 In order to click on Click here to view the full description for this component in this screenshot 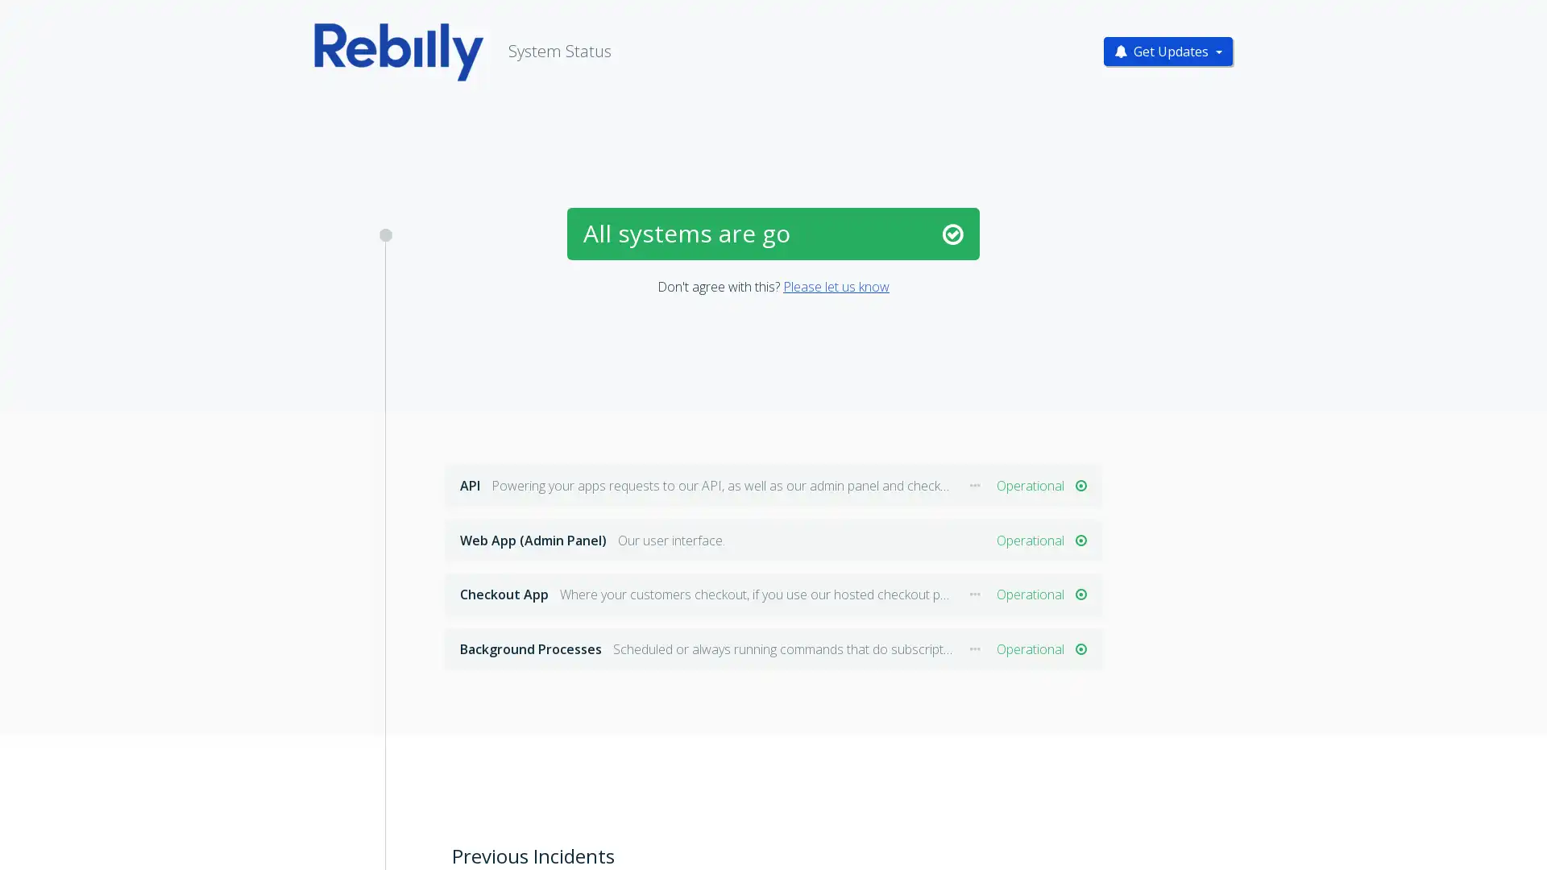, I will do `click(974, 648)`.